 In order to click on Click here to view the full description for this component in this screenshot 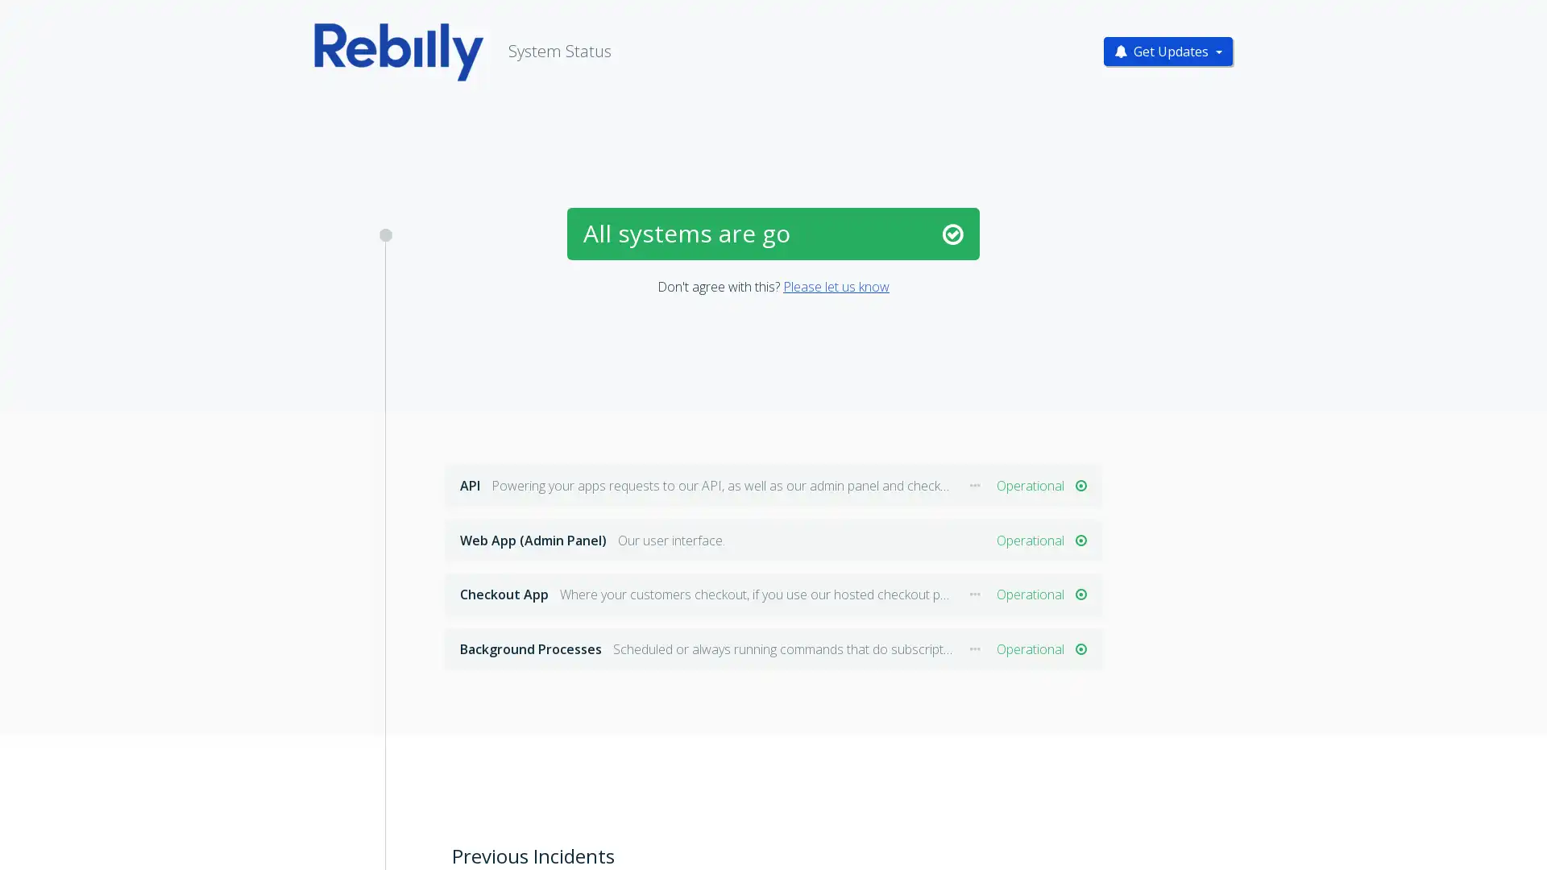, I will do `click(974, 648)`.